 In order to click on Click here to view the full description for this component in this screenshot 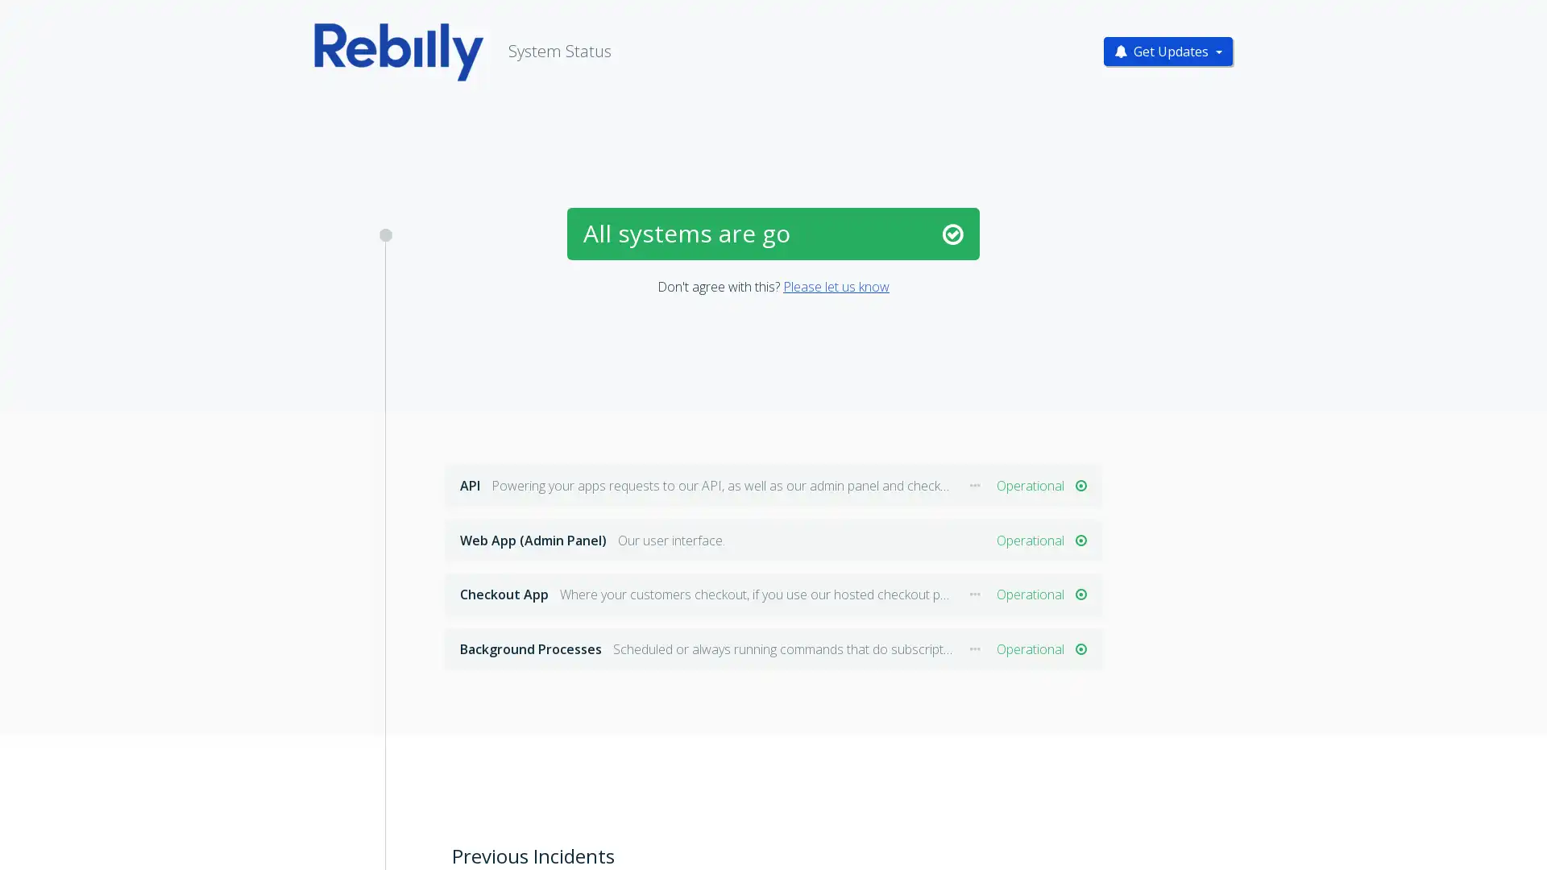, I will do `click(974, 648)`.